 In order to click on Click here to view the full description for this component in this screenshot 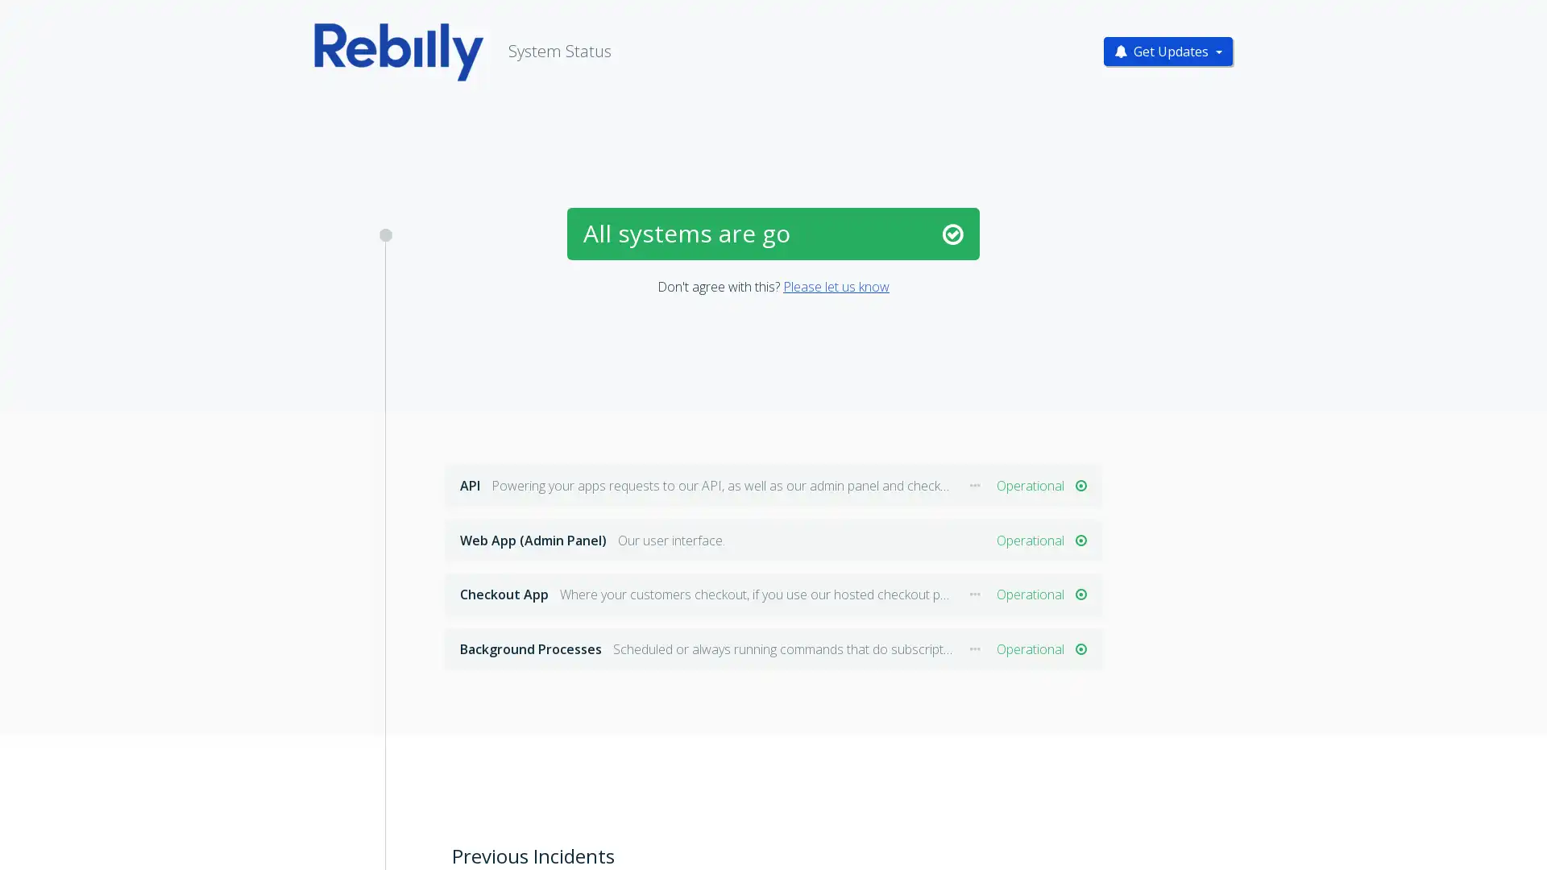, I will do `click(974, 648)`.